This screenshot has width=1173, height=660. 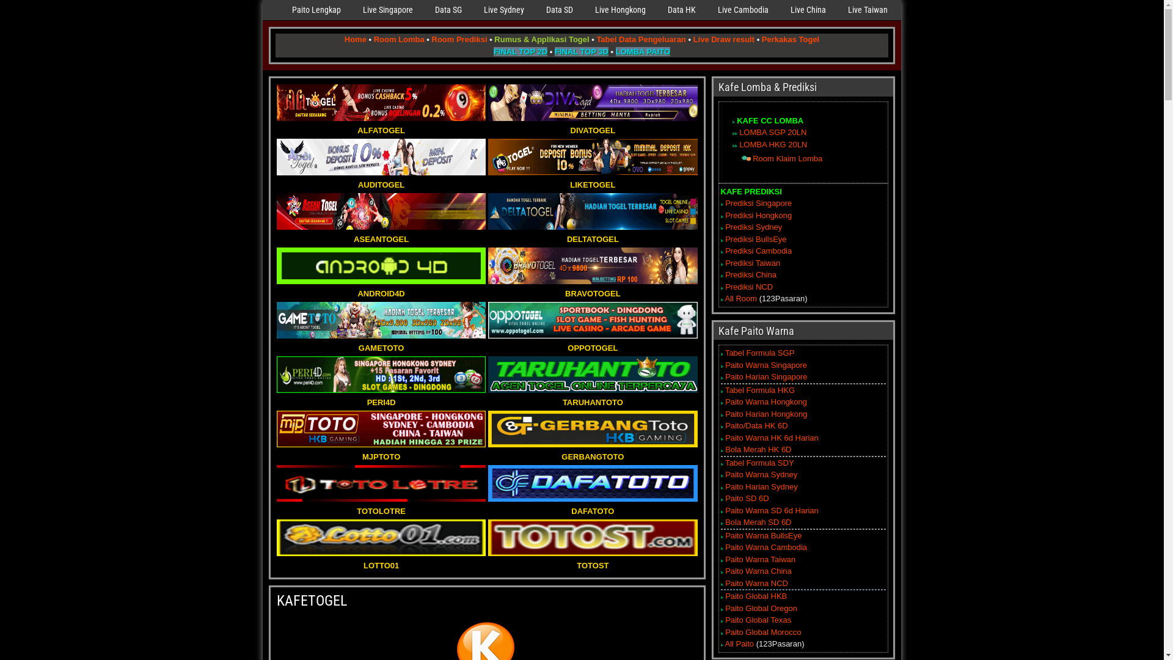 What do you see at coordinates (758, 215) in the screenshot?
I see `'Prediksi Hongkong'` at bounding box center [758, 215].